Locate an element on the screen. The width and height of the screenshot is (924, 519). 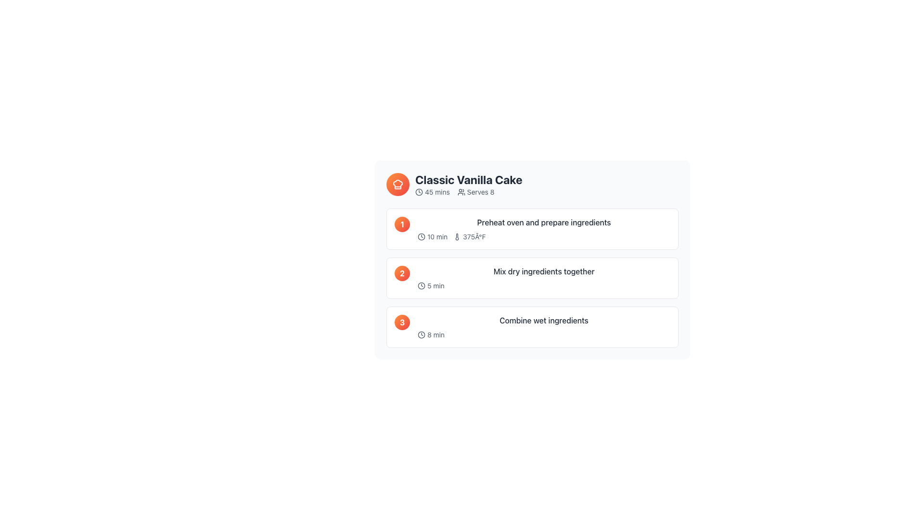
the Step Indicator badge that identifies the second step in the vertical list of instructions, which is labeled 'Mix dry ingredients together' is located at coordinates (402, 273).